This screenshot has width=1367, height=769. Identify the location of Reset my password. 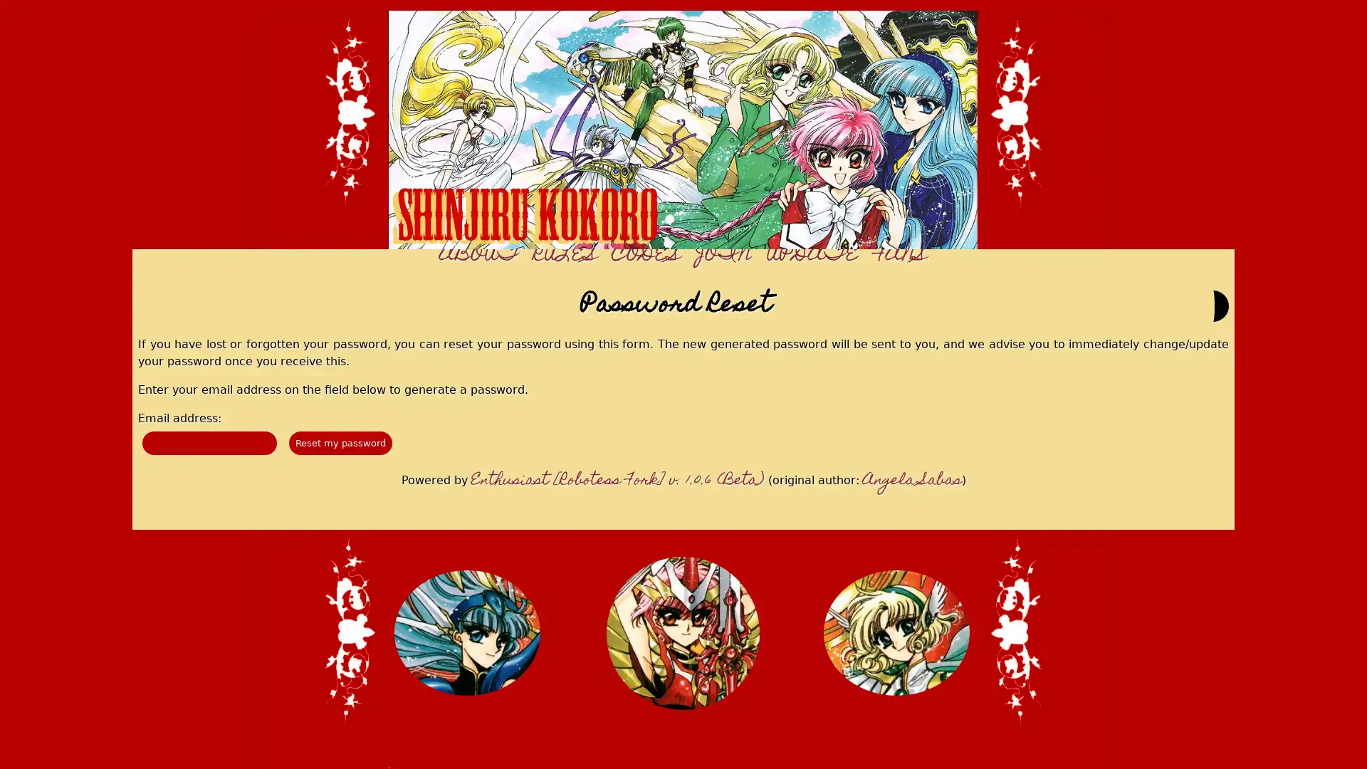
(340, 442).